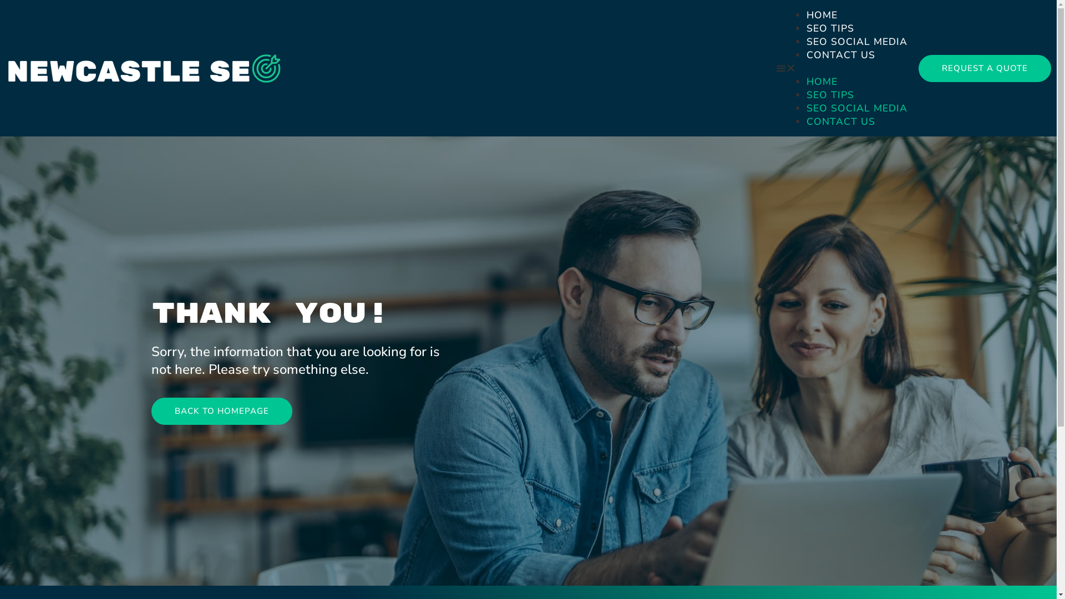 This screenshot has height=599, width=1065. I want to click on 'SEO TIPS', so click(830, 27).